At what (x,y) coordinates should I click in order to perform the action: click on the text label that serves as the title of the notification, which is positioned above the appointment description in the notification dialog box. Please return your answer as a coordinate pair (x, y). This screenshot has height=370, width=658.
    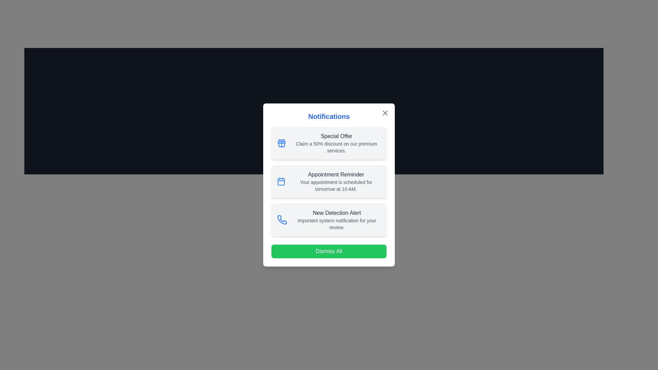
    Looking at the image, I should click on (336, 174).